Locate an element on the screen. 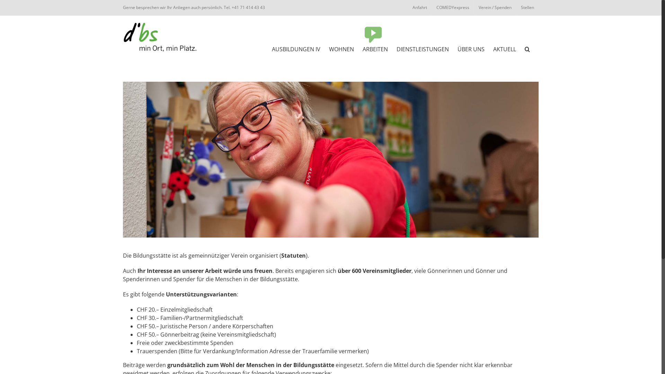 This screenshot has width=665, height=374. 'AUSBILDUNGEN IV' is located at coordinates (272, 48).